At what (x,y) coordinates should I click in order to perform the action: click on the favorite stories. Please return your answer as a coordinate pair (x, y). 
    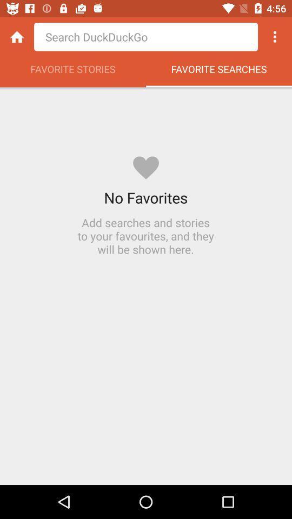
    Looking at the image, I should click on (73, 71).